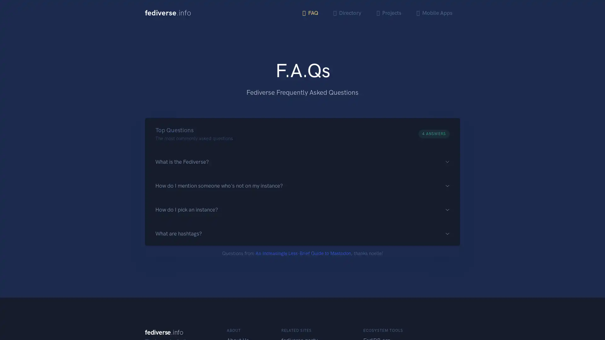  What do you see at coordinates (302, 234) in the screenshot?
I see `What are hashtags?` at bounding box center [302, 234].